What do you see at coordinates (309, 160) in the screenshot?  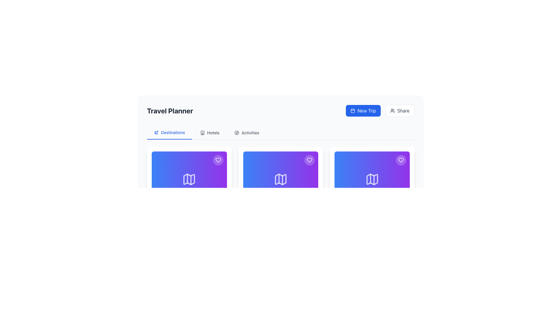 I see `the favorite icon button located in the top-right corner of the card for a destination` at bounding box center [309, 160].